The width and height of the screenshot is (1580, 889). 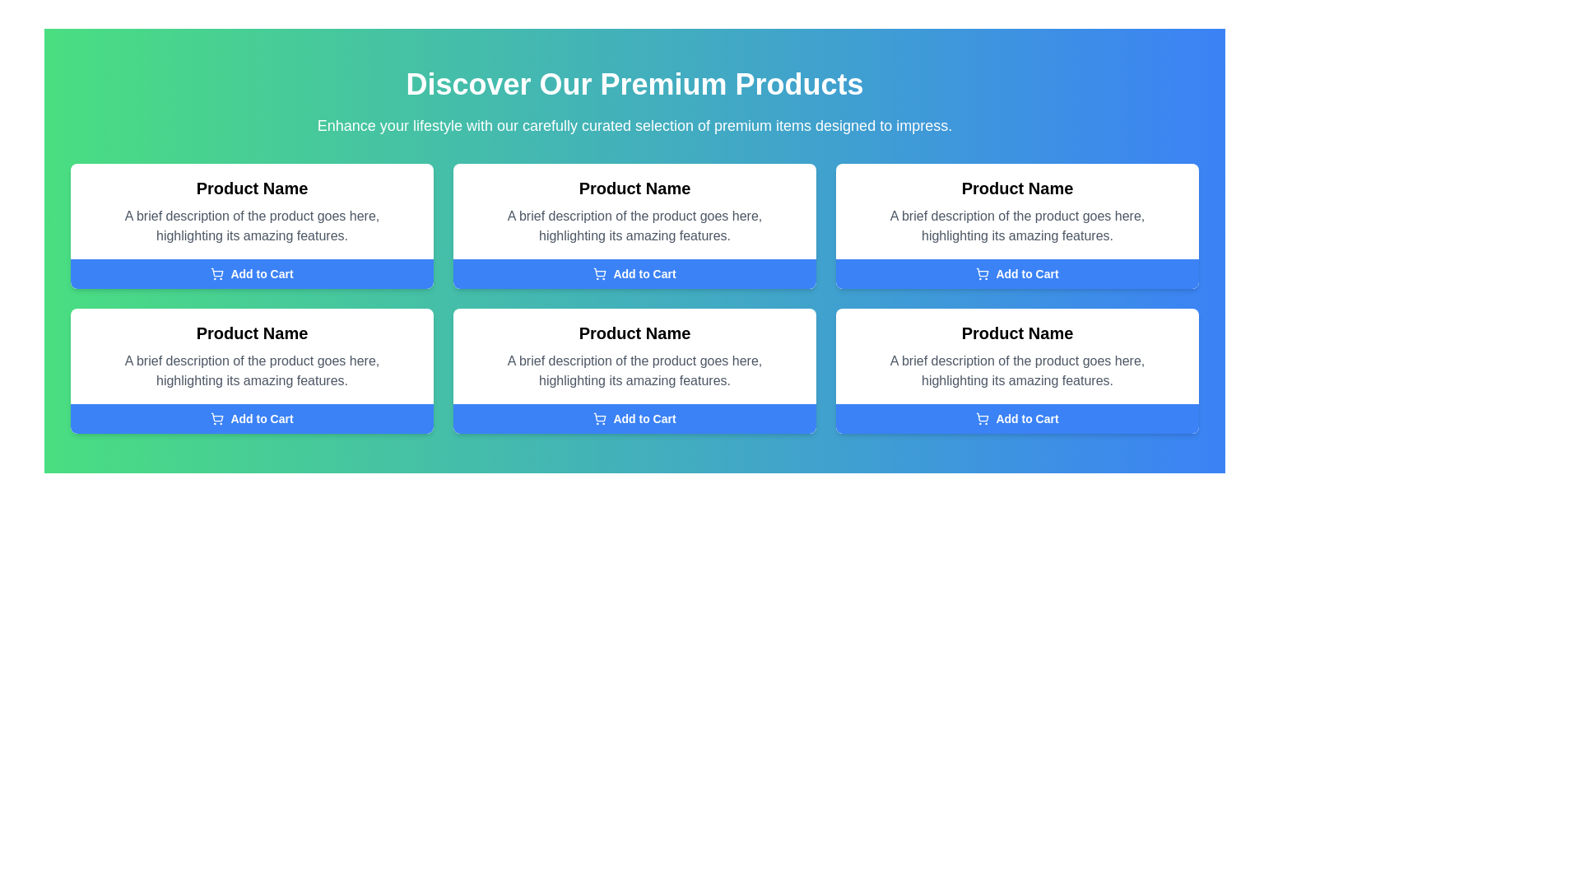 What do you see at coordinates (599, 272) in the screenshot?
I see `the shopping cart icon located inside the 'Add to Cart' button of the third product card in the top row` at bounding box center [599, 272].